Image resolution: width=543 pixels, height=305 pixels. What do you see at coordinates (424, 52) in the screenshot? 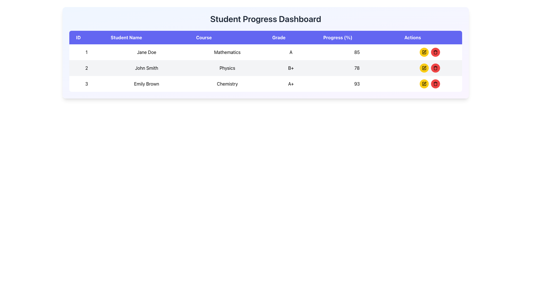
I see `the editing icon, which is a small square with rounded corners and a pen element, located in the Actions column of the third row` at bounding box center [424, 52].